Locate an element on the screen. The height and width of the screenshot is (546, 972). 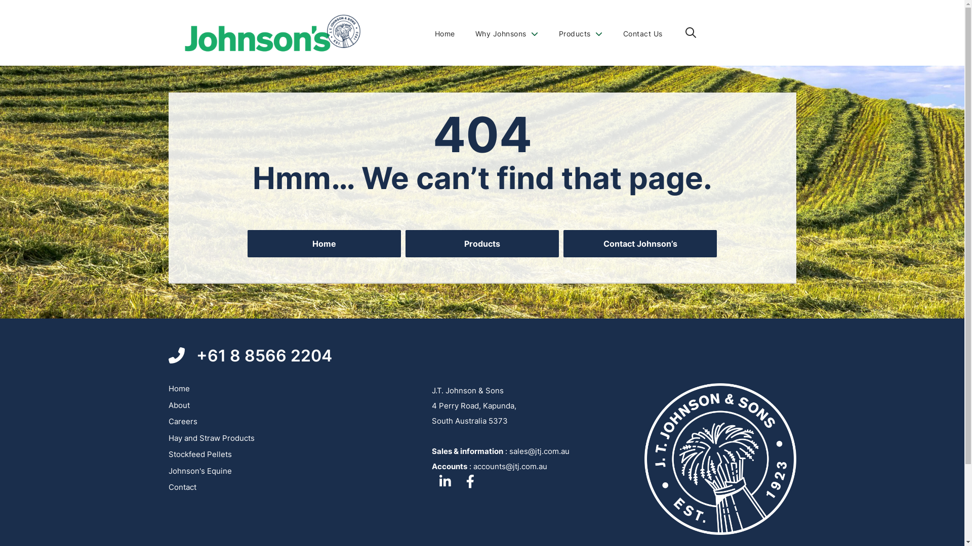
'+61 8 8566 2204' is located at coordinates (250, 355).